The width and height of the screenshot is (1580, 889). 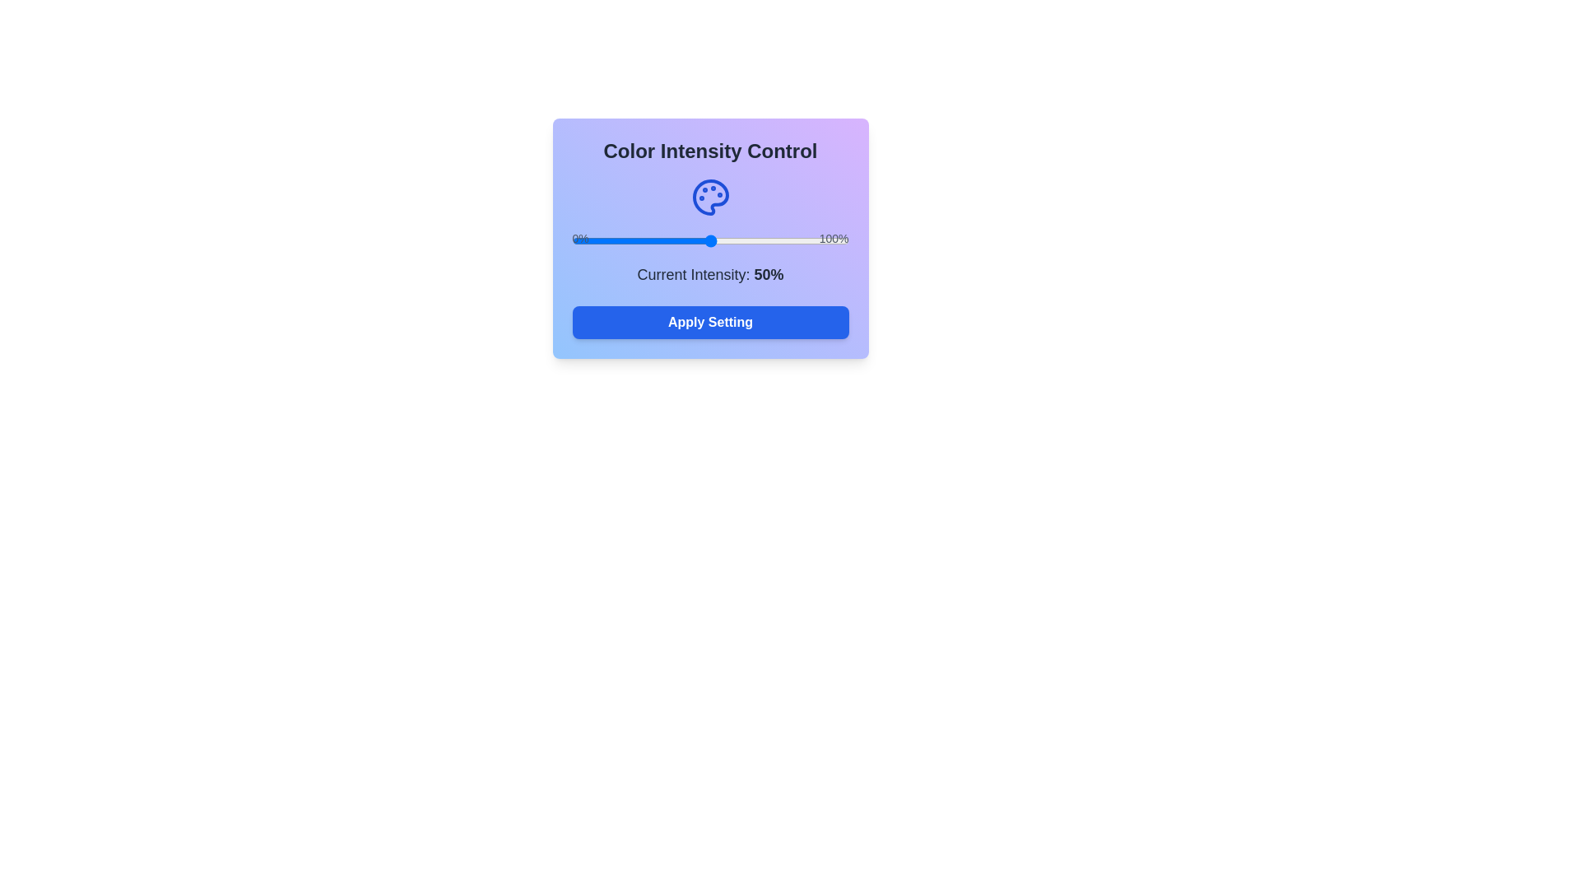 I want to click on the slider to set the color intensity to 88%, so click(x=816, y=241).